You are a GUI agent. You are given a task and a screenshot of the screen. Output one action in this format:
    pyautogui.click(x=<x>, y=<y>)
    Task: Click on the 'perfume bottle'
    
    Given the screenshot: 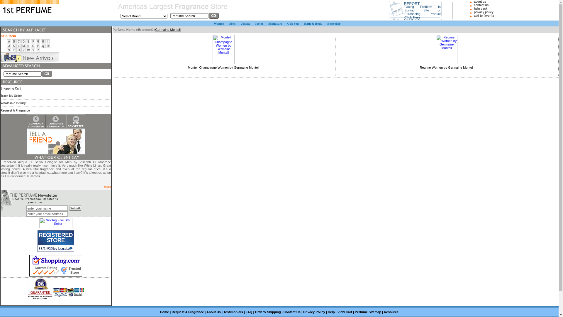 What is the action you would take?
    pyautogui.click(x=112, y=26)
    